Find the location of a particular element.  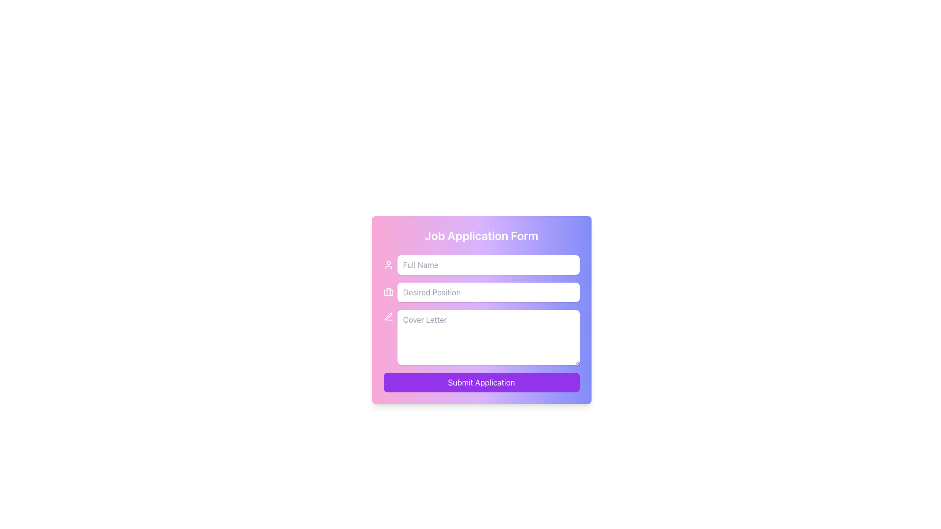

the Decorative Icon located to the left of the 'Cover Letter' text area in the form, which indicates an input-related feature is located at coordinates (388, 317).